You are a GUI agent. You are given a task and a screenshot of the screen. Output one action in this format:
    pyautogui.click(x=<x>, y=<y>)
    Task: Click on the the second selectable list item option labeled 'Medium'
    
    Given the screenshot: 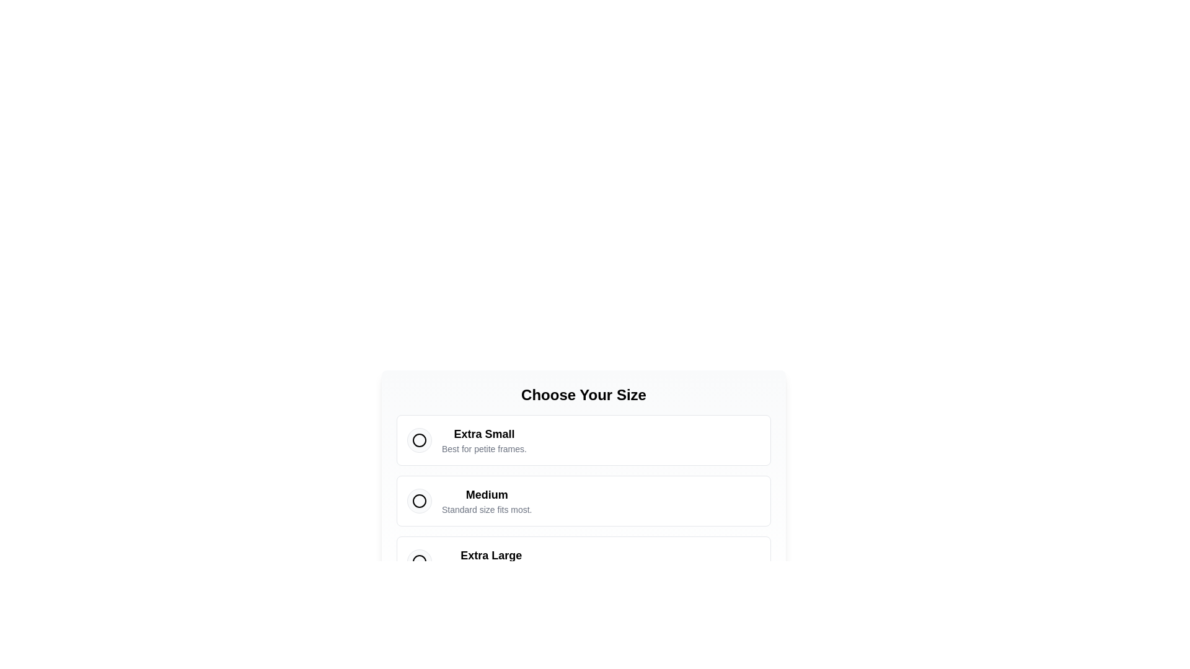 What is the action you would take?
    pyautogui.click(x=583, y=486)
    